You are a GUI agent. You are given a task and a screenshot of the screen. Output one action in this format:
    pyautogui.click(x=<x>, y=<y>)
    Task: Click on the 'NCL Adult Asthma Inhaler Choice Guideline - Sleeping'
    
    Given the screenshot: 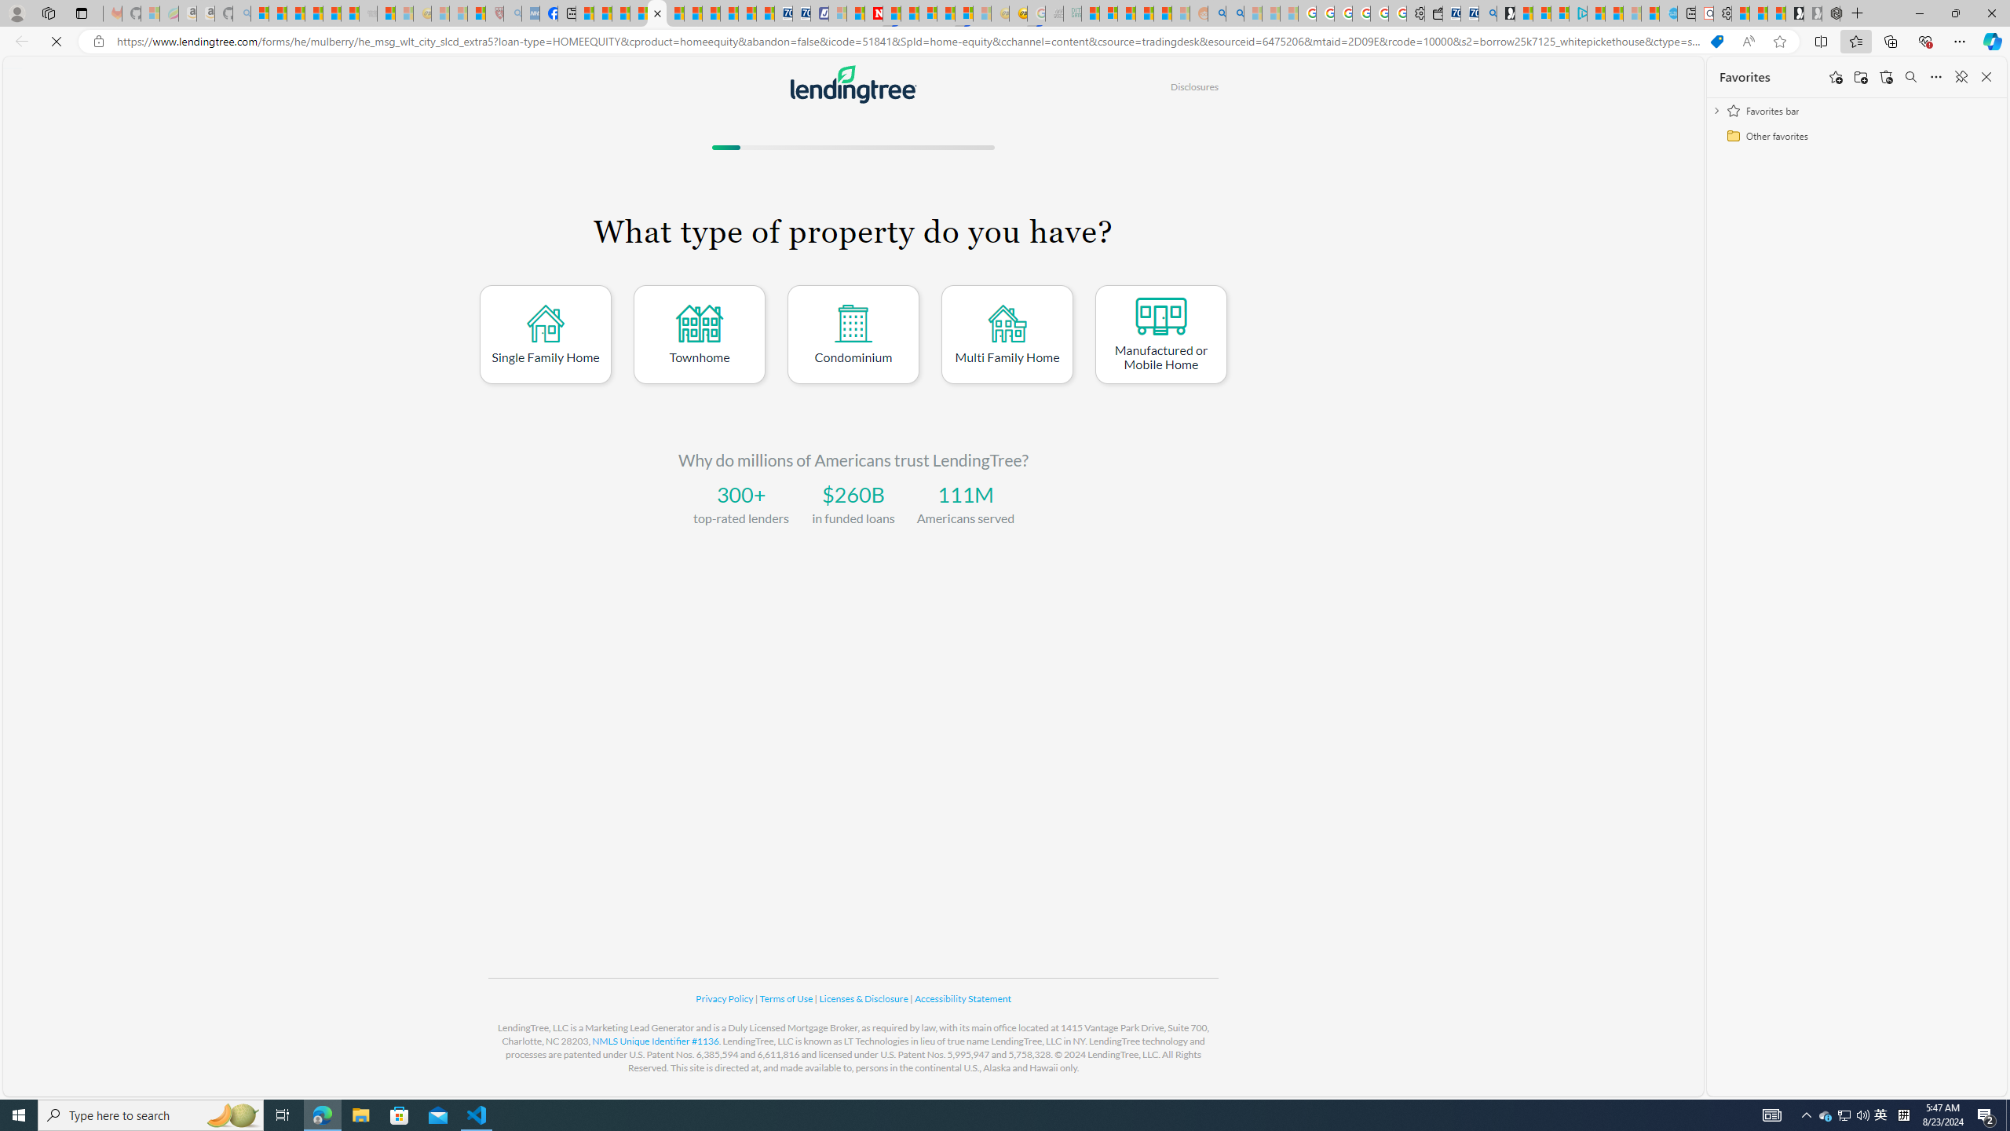 What is the action you would take?
    pyautogui.click(x=529, y=13)
    